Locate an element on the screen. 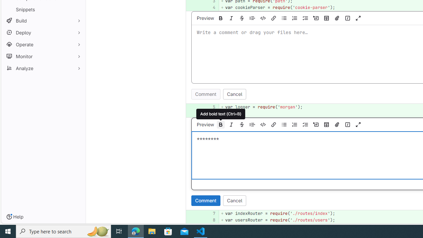 This screenshot has width=423, height=238. 'Add a comment to this line' is located at coordinates (185, 220).